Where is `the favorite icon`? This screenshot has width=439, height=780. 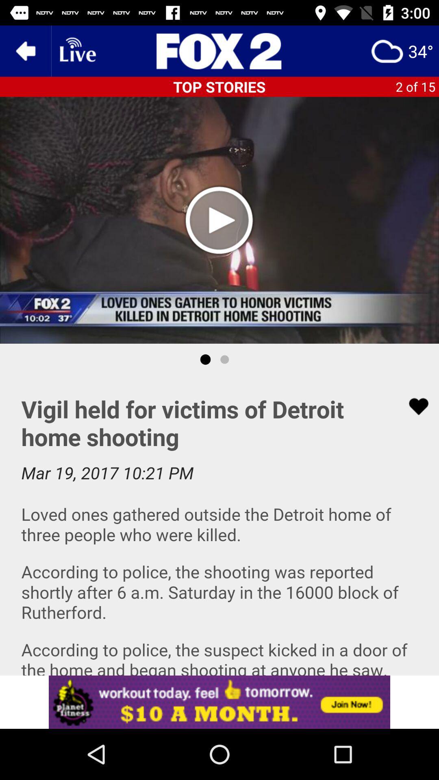
the favorite icon is located at coordinates (413, 406).